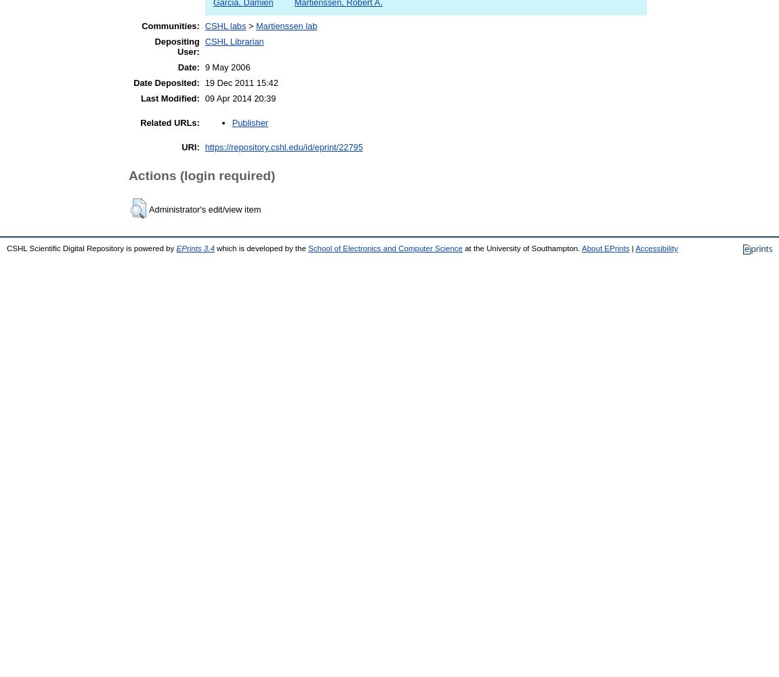 The image size is (779, 677). I want to click on 'which is developed by the', so click(261, 248).